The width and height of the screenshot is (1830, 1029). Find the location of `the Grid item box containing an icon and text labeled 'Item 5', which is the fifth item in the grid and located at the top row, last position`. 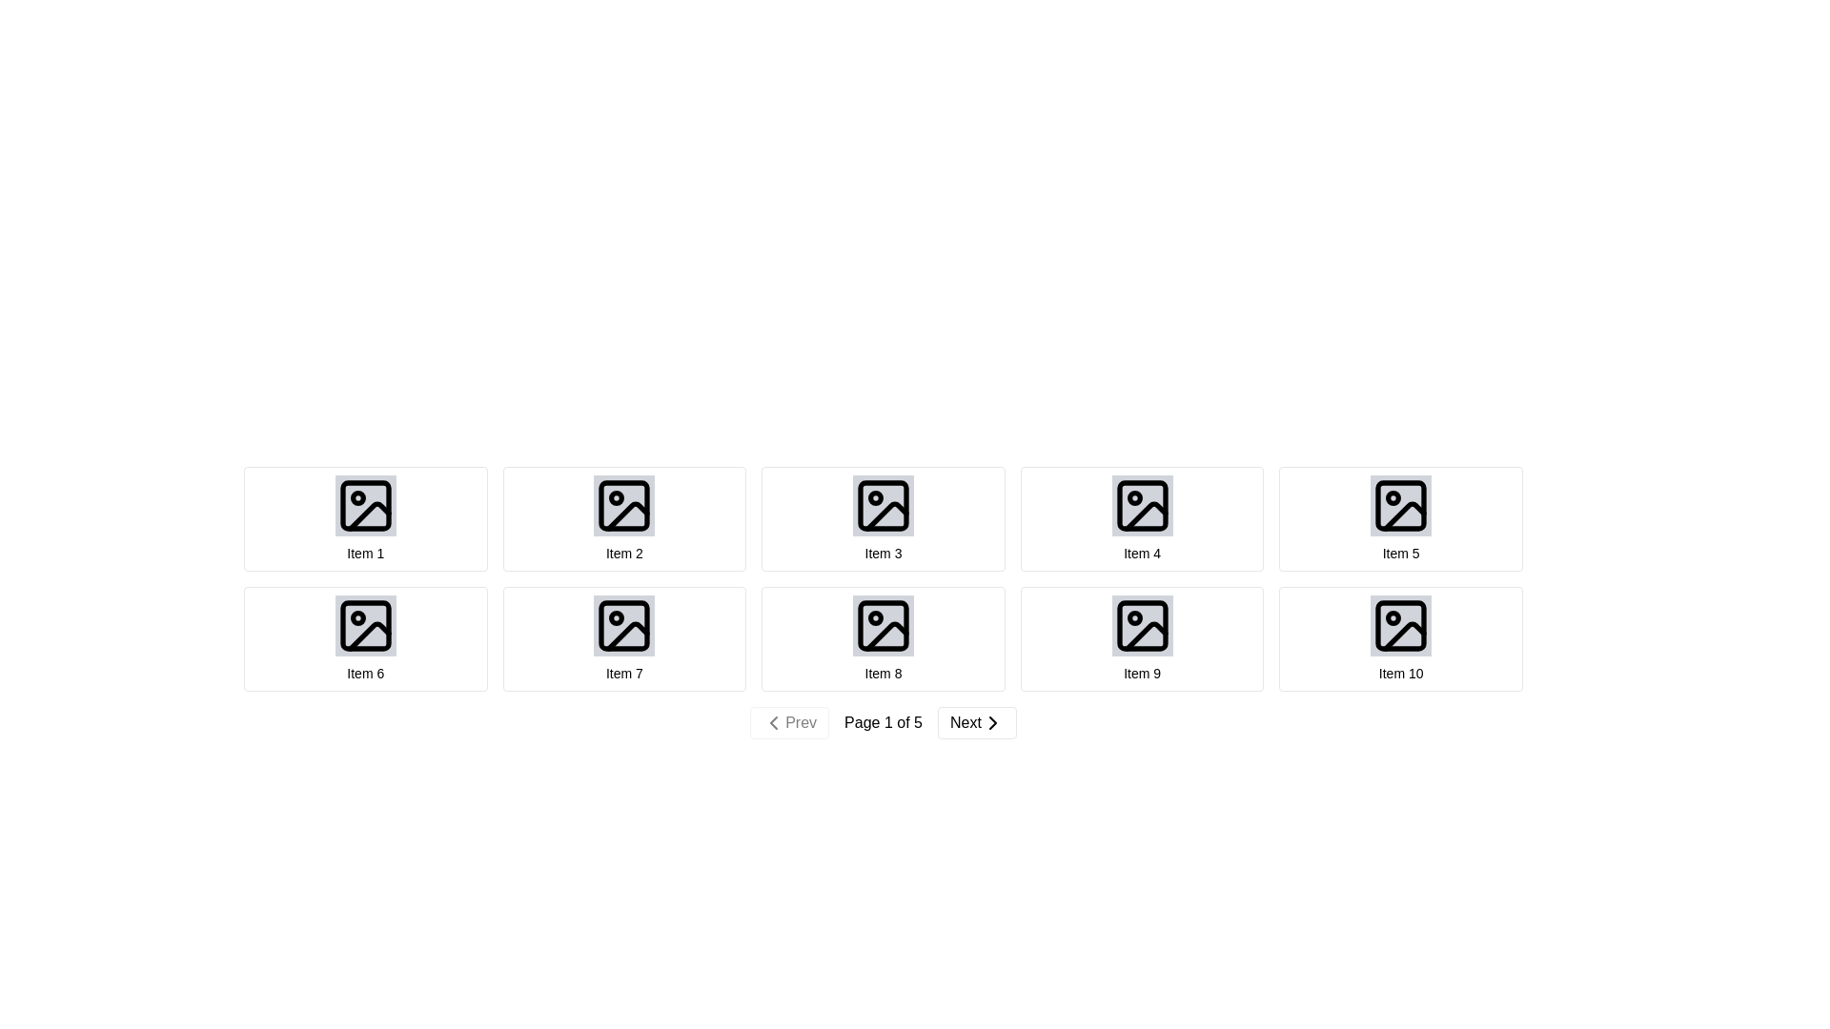

the Grid item box containing an icon and text labeled 'Item 5', which is the fifth item in the grid and located at the top row, last position is located at coordinates (1401, 518).